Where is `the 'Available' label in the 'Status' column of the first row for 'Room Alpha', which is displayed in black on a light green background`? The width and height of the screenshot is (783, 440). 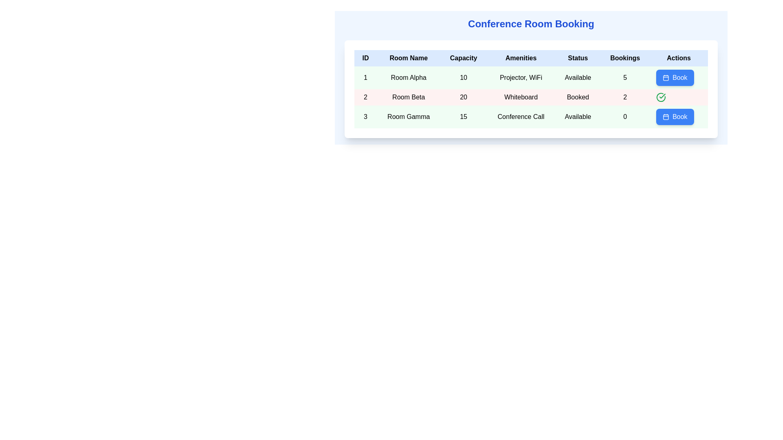 the 'Available' label in the 'Status' column of the first row for 'Room Alpha', which is displayed in black on a light green background is located at coordinates (577, 78).